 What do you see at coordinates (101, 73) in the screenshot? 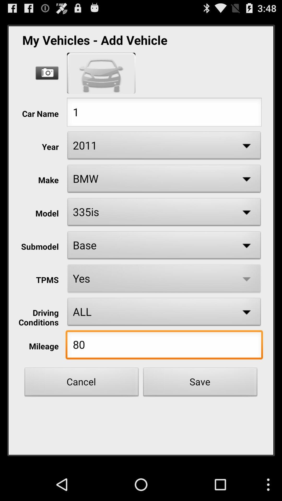
I see `vehicle` at bounding box center [101, 73].